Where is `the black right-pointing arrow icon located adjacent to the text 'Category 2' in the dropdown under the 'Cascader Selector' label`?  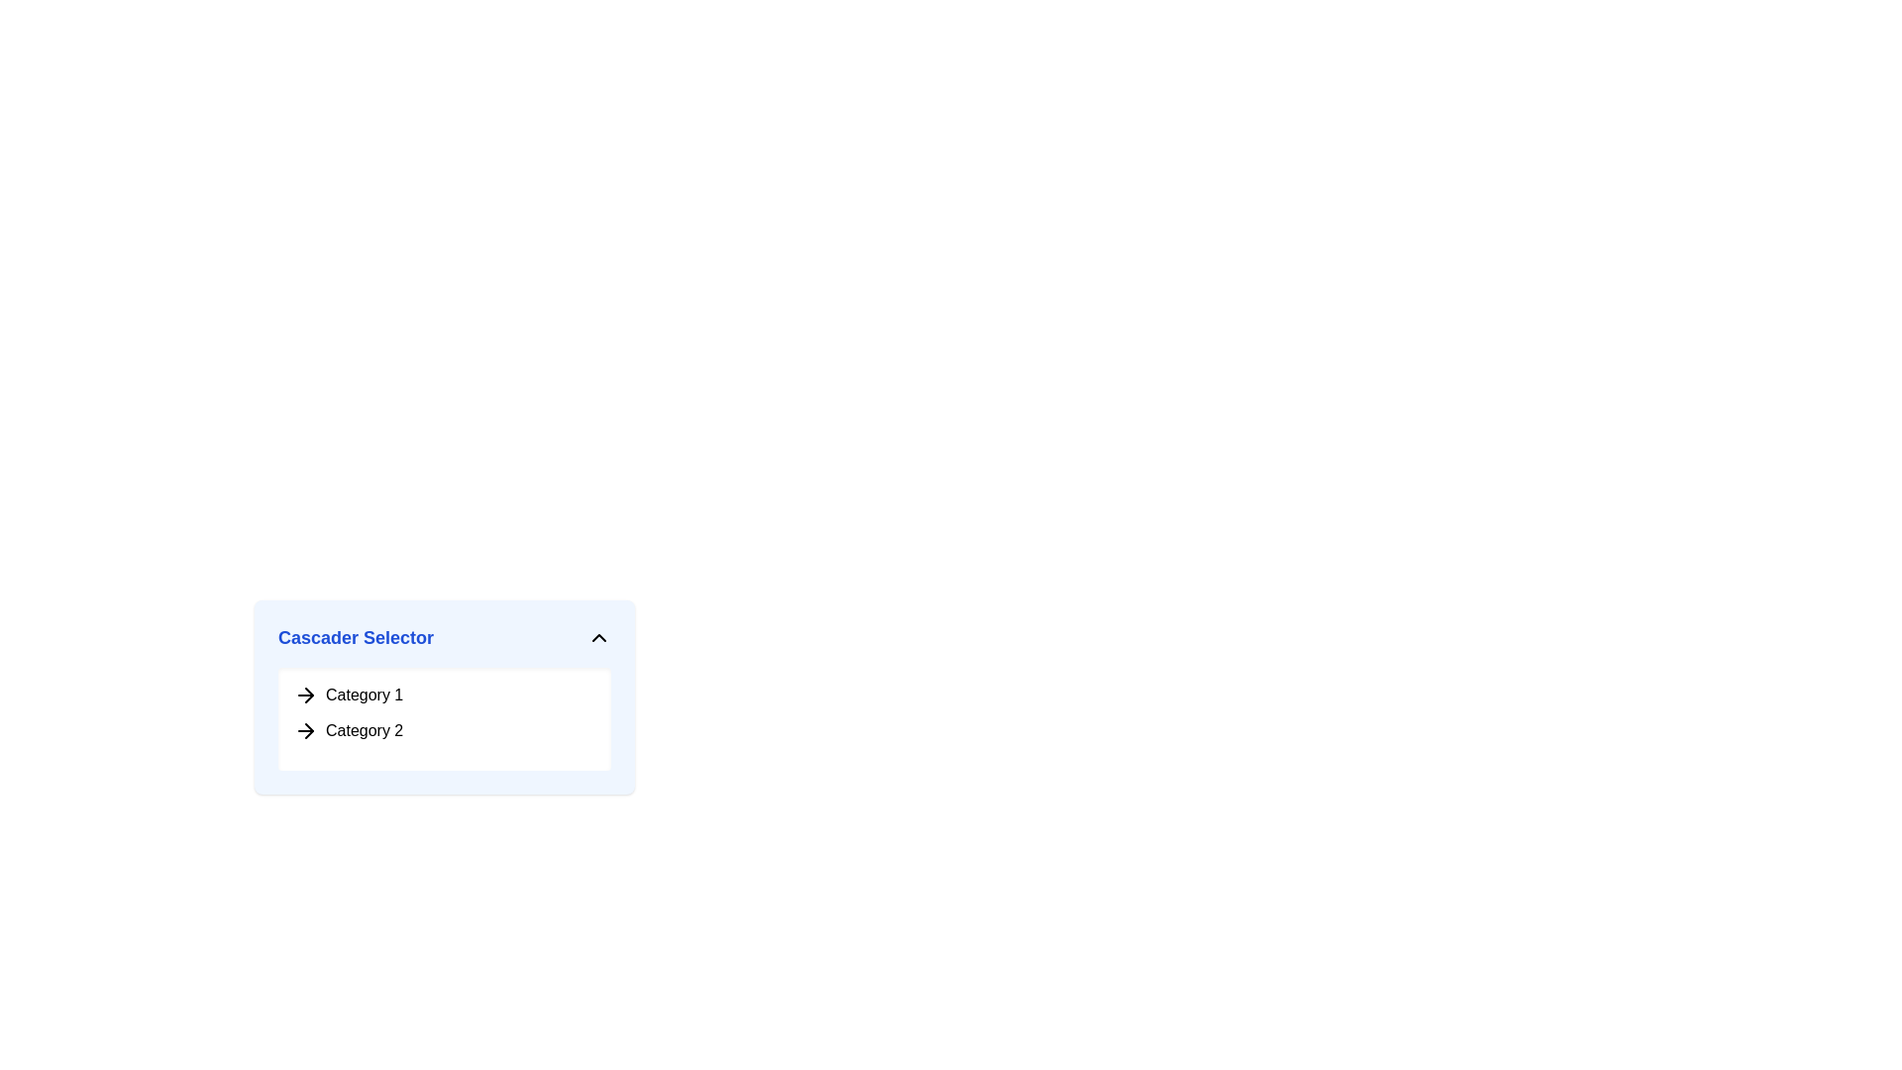 the black right-pointing arrow icon located adjacent to the text 'Category 2' in the dropdown under the 'Cascader Selector' label is located at coordinates (308, 730).